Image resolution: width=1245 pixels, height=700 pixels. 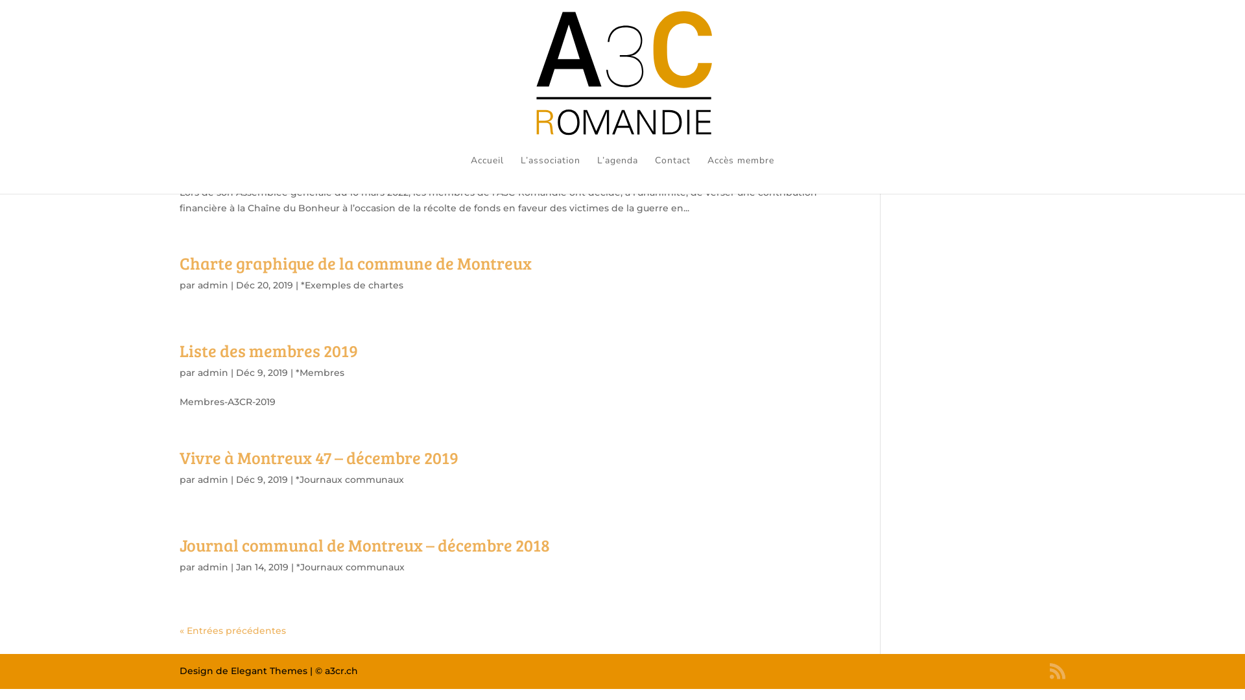 What do you see at coordinates (268, 350) in the screenshot?
I see `'Liste des membres 2019'` at bounding box center [268, 350].